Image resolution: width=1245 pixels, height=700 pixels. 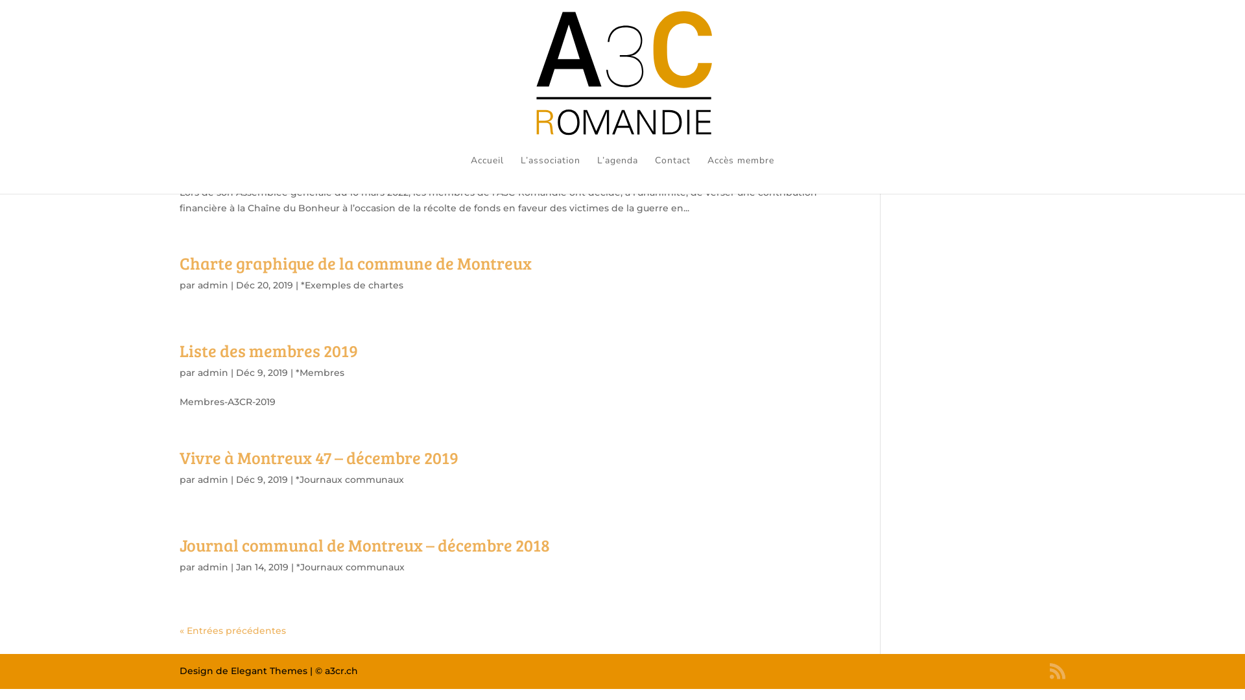 What do you see at coordinates (268, 350) in the screenshot?
I see `'Liste des membres 2019'` at bounding box center [268, 350].